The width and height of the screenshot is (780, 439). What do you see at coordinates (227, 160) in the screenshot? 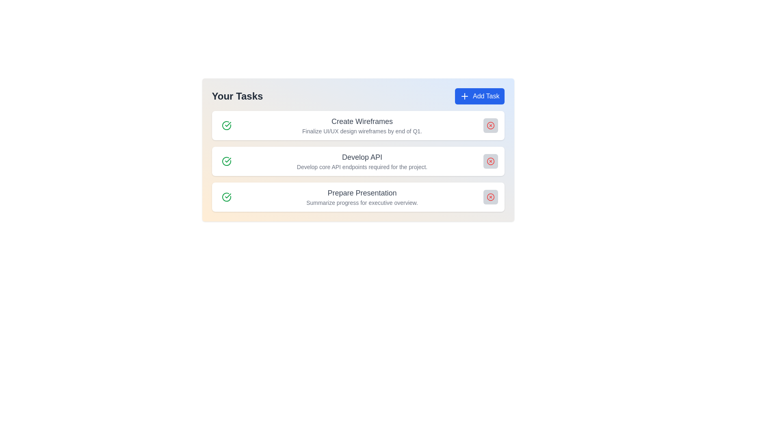
I see `the checkmark icon located to the left of the 'Develop API' task header, which indicates task completion` at bounding box center [227, 160].